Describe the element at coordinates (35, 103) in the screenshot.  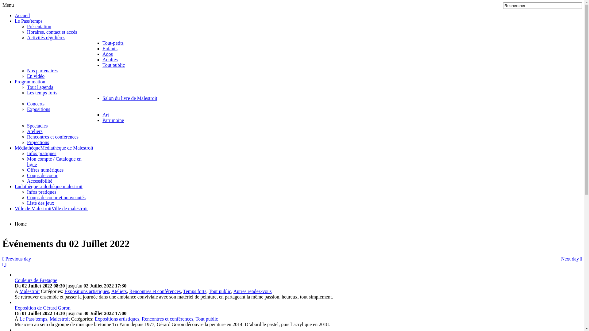
I see `'Concerts'` at that location.